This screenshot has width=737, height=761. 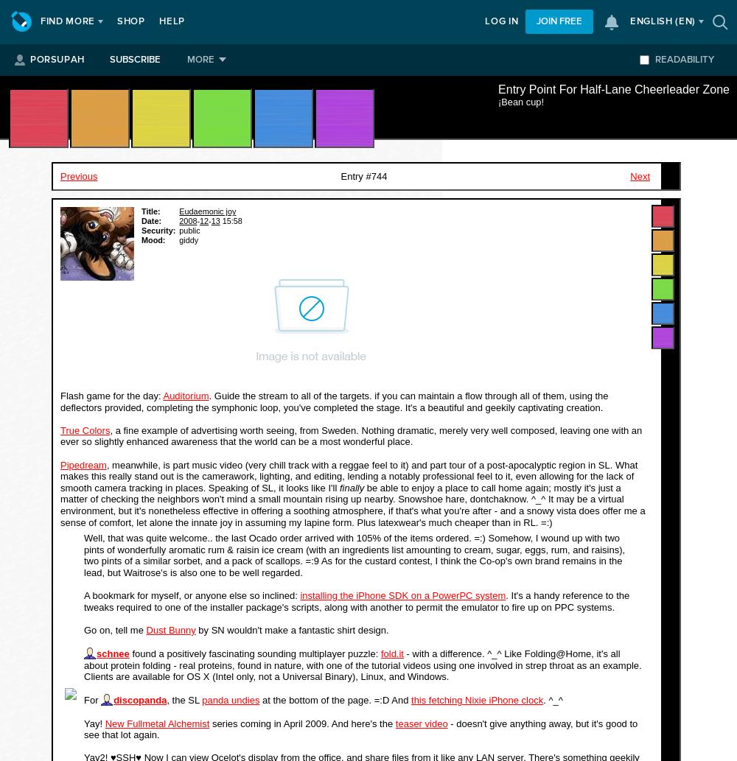 I want to click on 'Readability', so click(x=685, y=60).